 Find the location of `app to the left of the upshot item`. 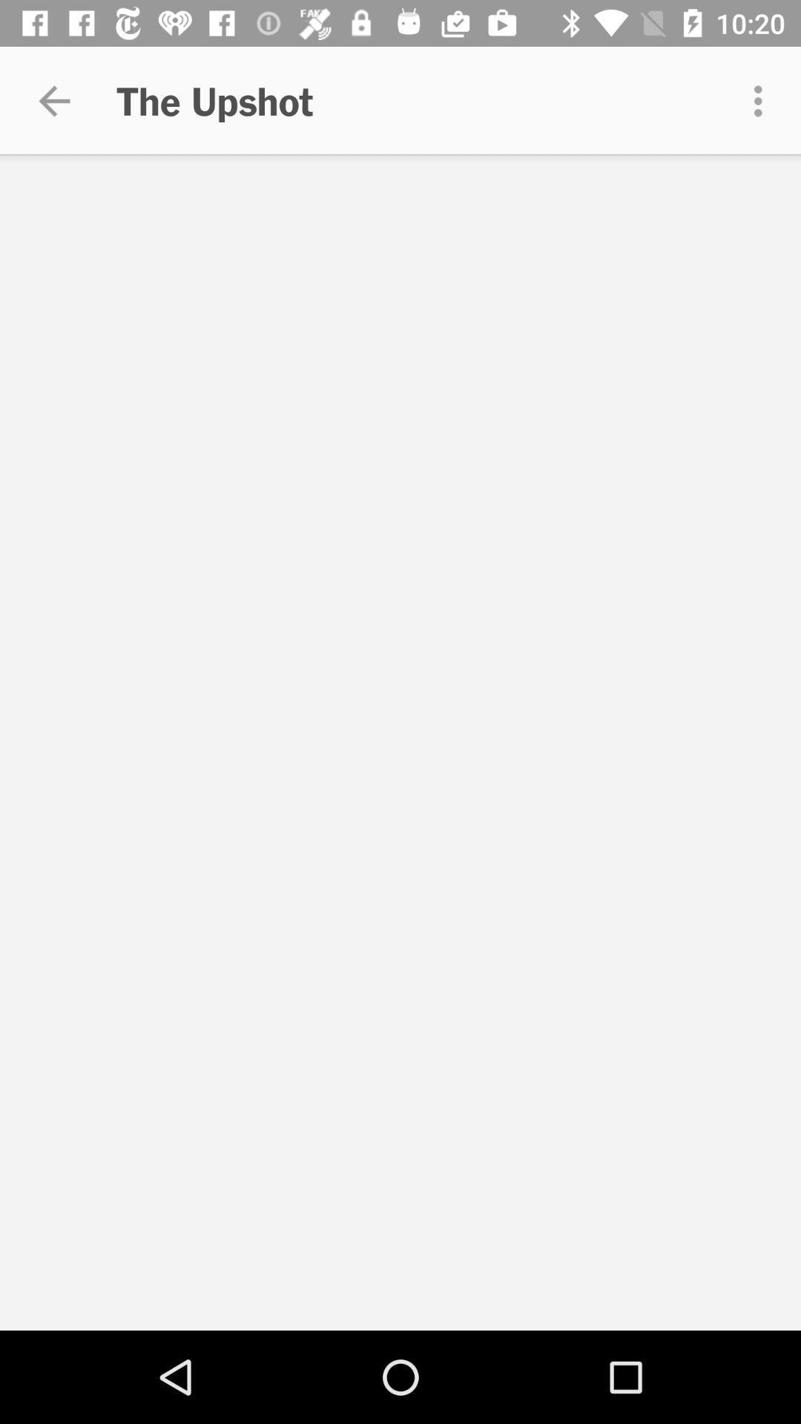

app to the left of the upshot item is located at coordinates (53, 100).